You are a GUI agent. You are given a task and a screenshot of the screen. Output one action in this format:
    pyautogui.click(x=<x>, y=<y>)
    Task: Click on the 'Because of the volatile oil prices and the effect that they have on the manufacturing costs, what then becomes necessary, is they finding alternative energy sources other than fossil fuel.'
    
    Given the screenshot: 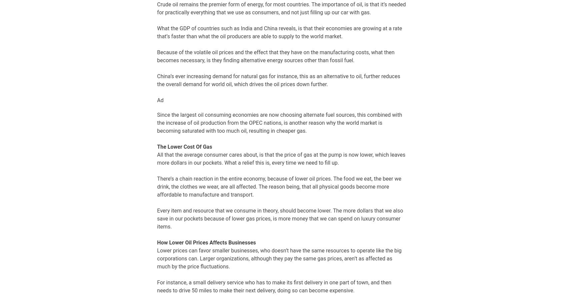 What is the action you would take?
    pyautogui.click(x=276, y=56)
    